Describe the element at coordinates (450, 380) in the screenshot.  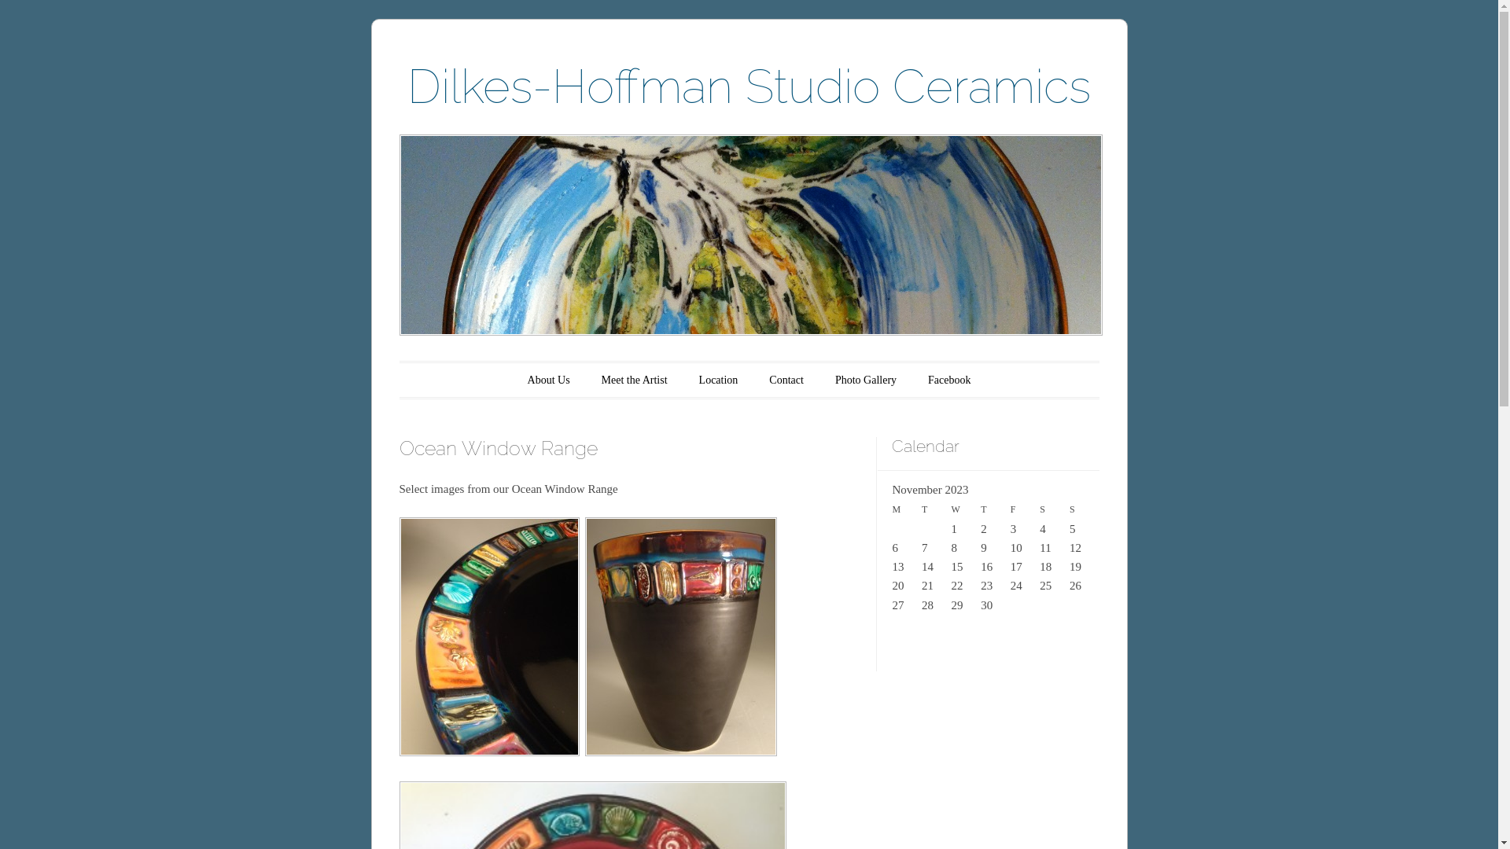
I see `'Skip to content'` at that location.